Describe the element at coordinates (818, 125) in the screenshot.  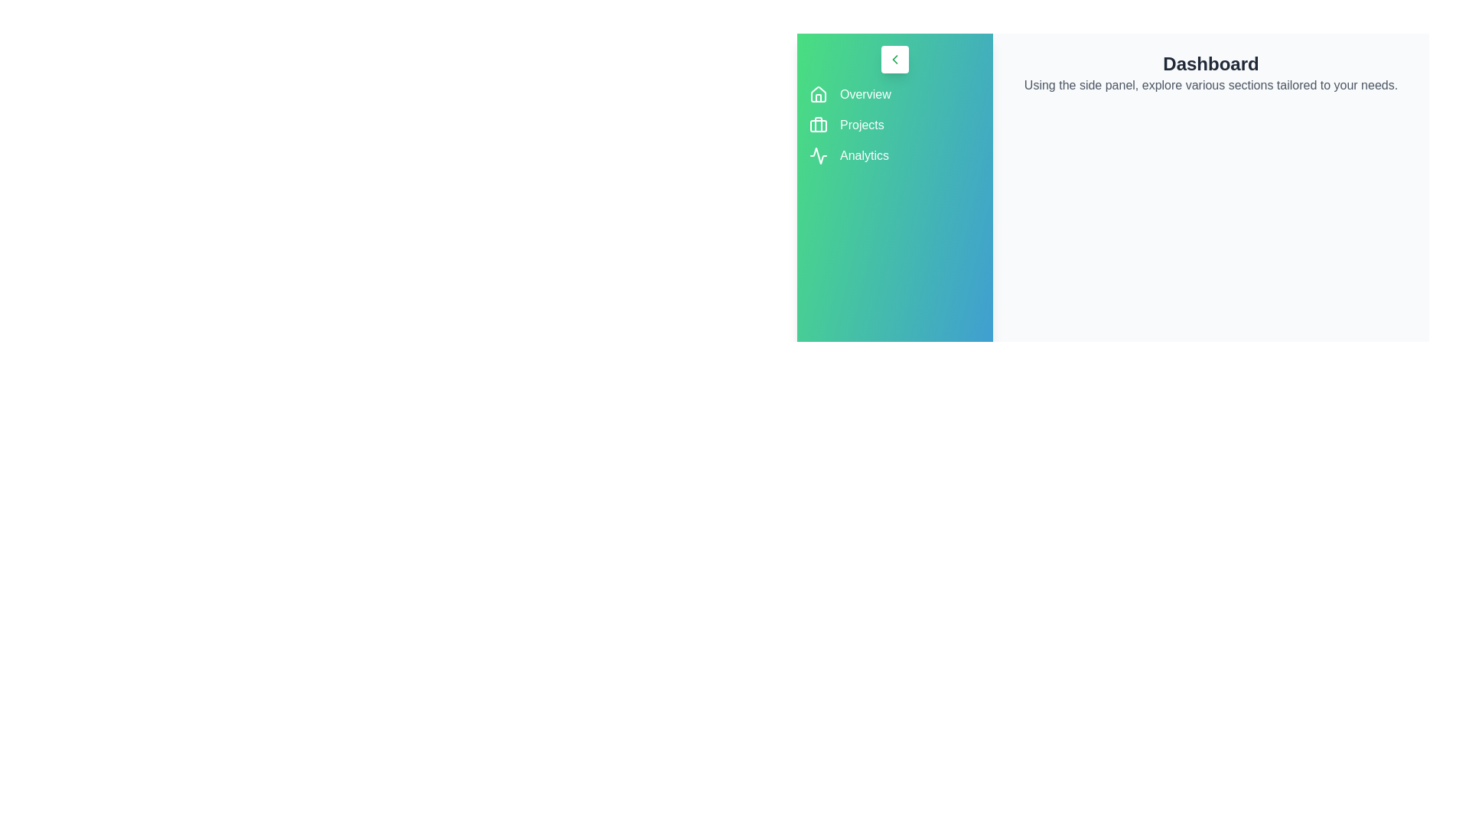
I see `the Projects icon to observe its hover effect` at that location.